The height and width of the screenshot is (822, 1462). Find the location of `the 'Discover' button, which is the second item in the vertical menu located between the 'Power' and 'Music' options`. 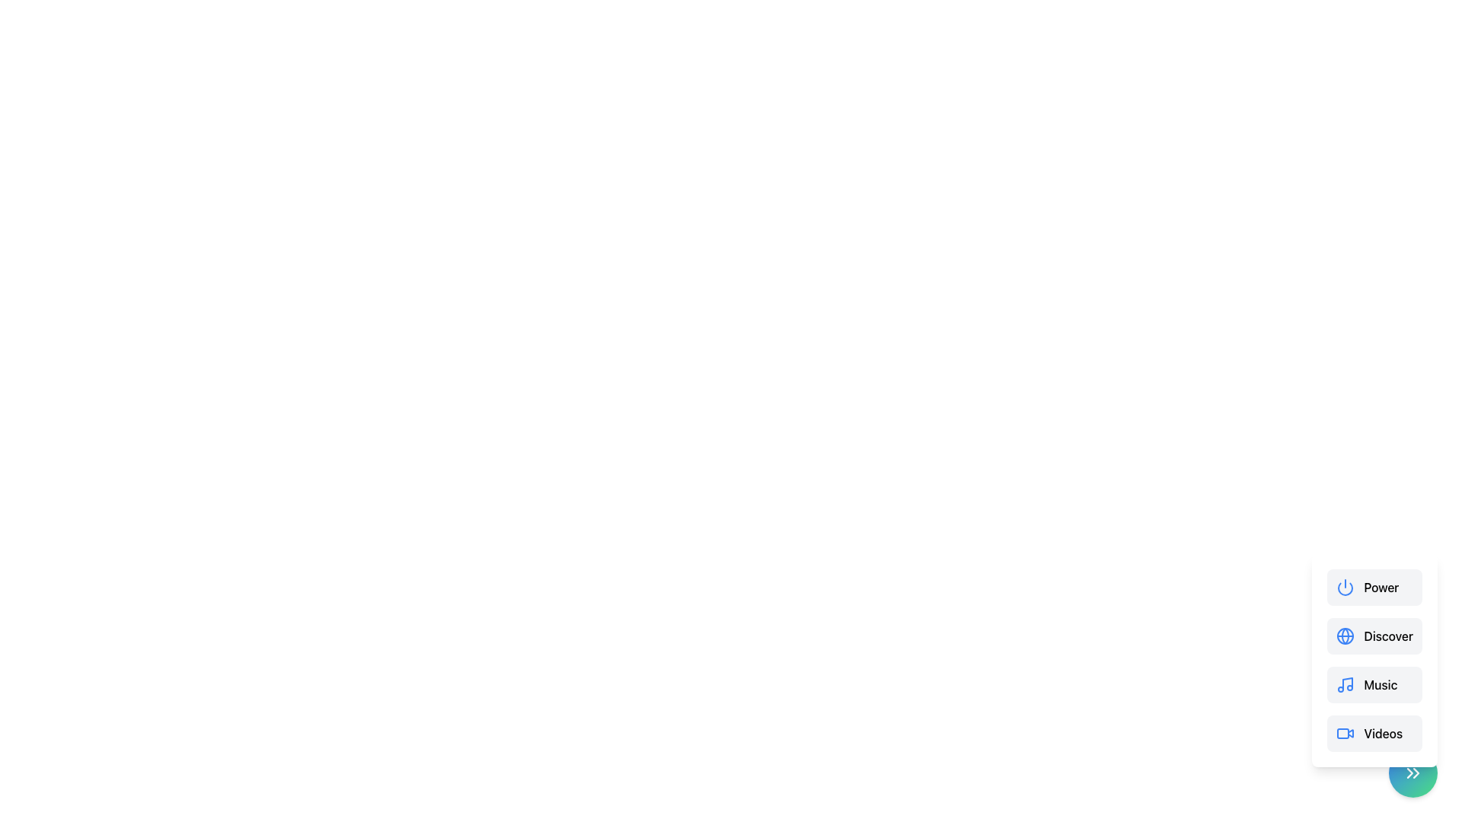

the 'Discover' button, which is the second item in the vertical menu located between the 'Power' and 'Music' options is located at coordinates (1374, 636).